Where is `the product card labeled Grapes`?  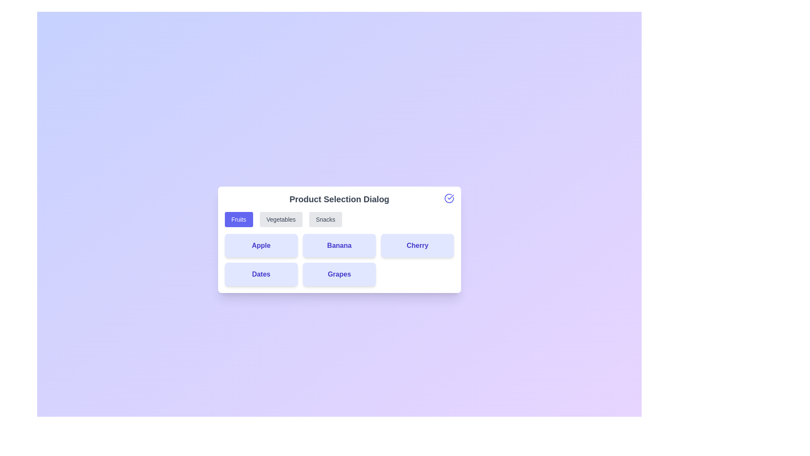 the product card labeled Grapes is located at coordinates (339, 274).